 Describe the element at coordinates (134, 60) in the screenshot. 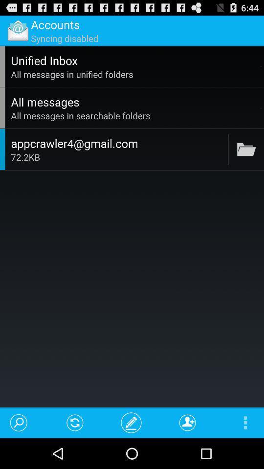

I see `icon below syncing disabled app` at that location.